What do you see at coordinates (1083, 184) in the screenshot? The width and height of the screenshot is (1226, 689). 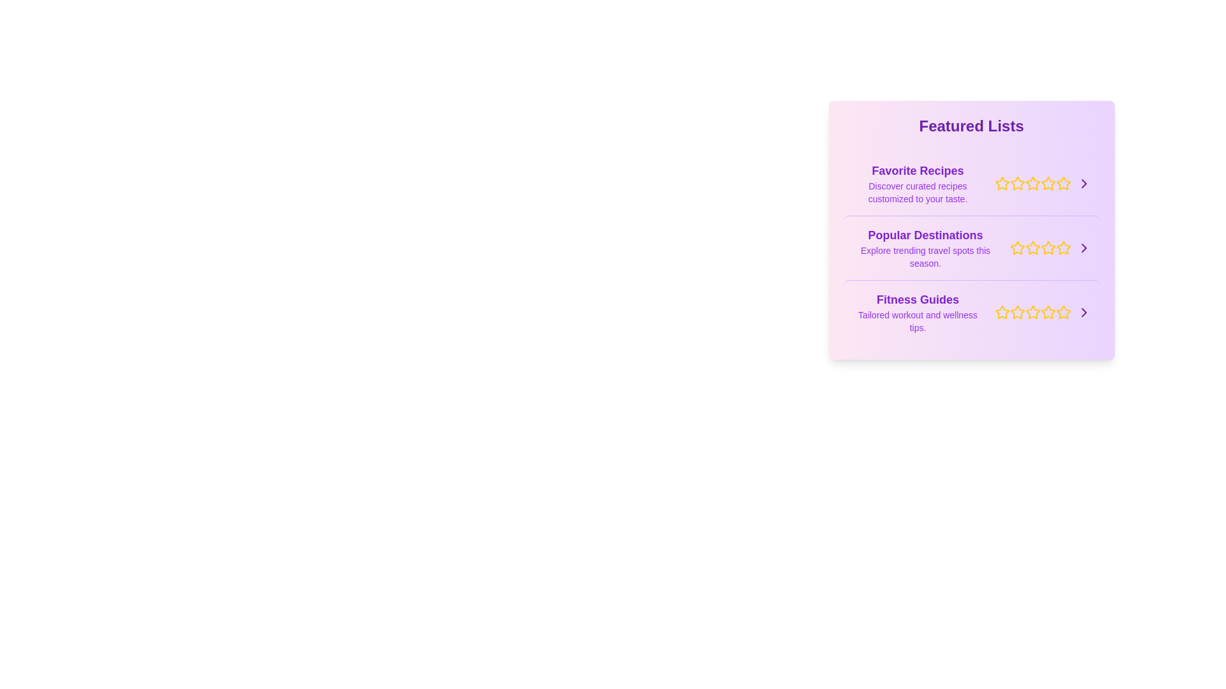 I see `the chevron icon to navigate to the detailed information of Favorite Recipes` at bounding box center [1083, 184].